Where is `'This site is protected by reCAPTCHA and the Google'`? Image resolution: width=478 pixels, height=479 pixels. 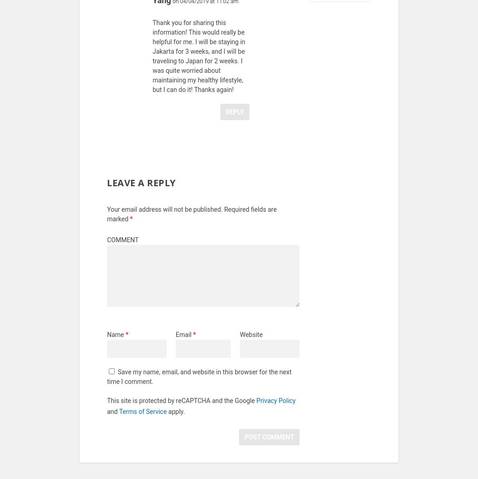
'This site is protected by reCAPTCHA and the Google' is located at coordinates (182, 407).